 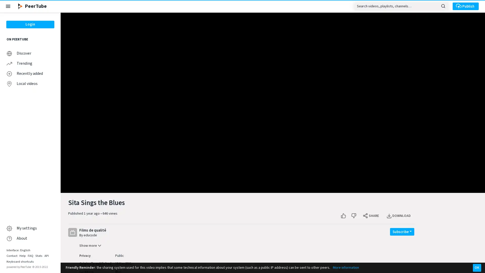 What do you see at coordinates (443, 6) in the screenshot?
I see `Search` at bounding box center [443, 6].